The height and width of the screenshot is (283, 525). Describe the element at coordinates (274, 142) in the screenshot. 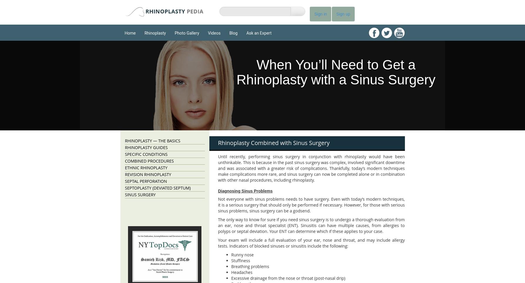

I see `'Rhinoplasty Combined with Sinus Surgery'` at that location.